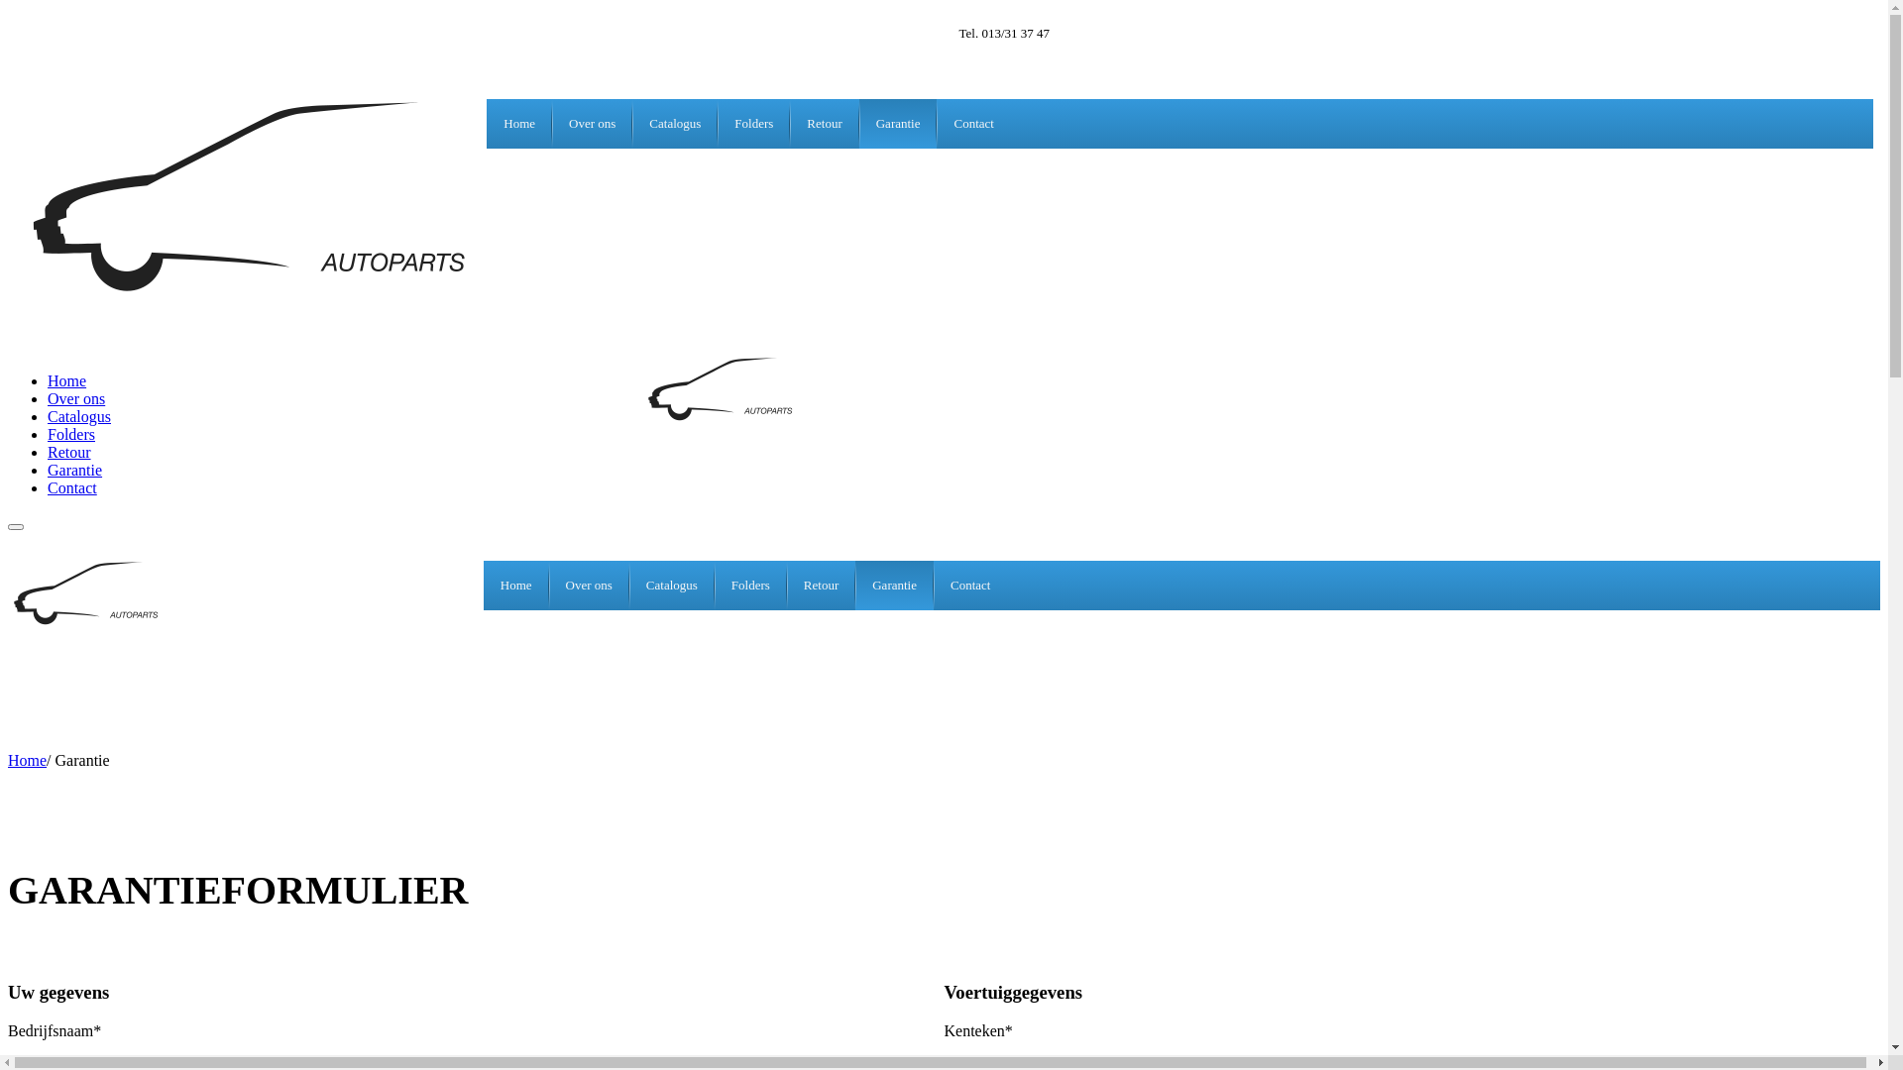 This screenshot has height=1070, width=1903. Describe the element at coordinates (516, 584) in the screenshot. I see `'Home'` at that location.